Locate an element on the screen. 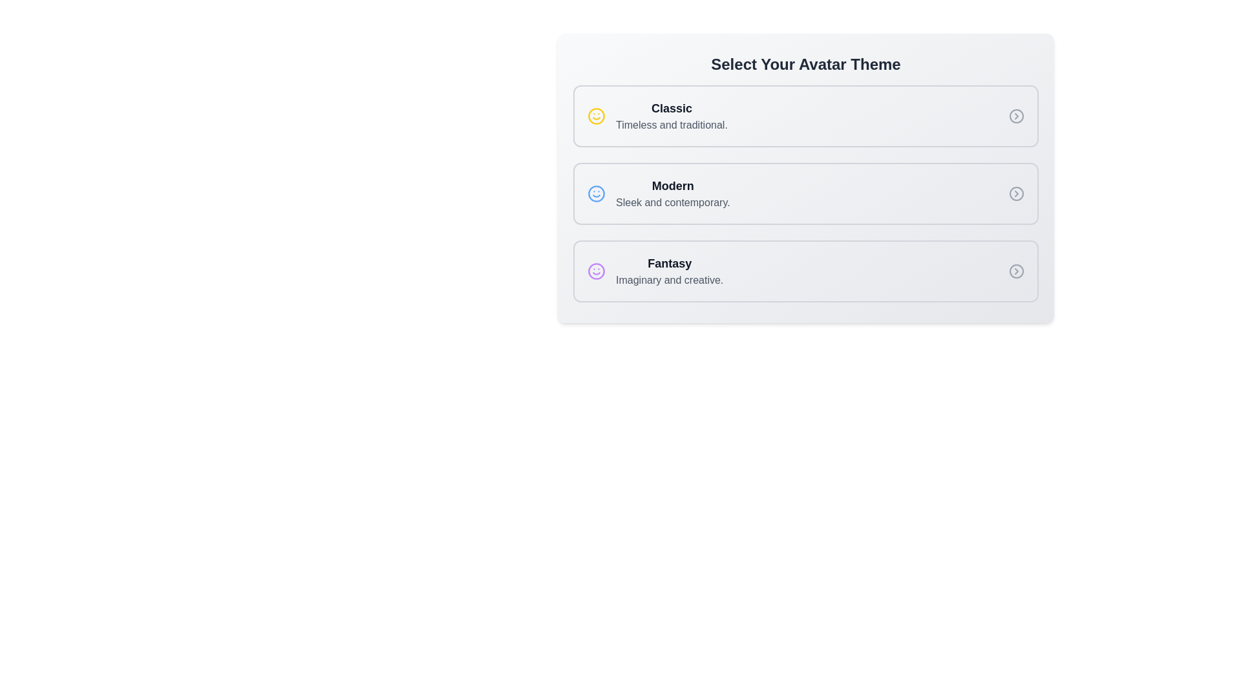  the circular smiley face icon with a blue outline located in the 'Modern' section, which is positioned between the 'Classic' and 'Fantasy' sections is located at coordinates (595, 194).